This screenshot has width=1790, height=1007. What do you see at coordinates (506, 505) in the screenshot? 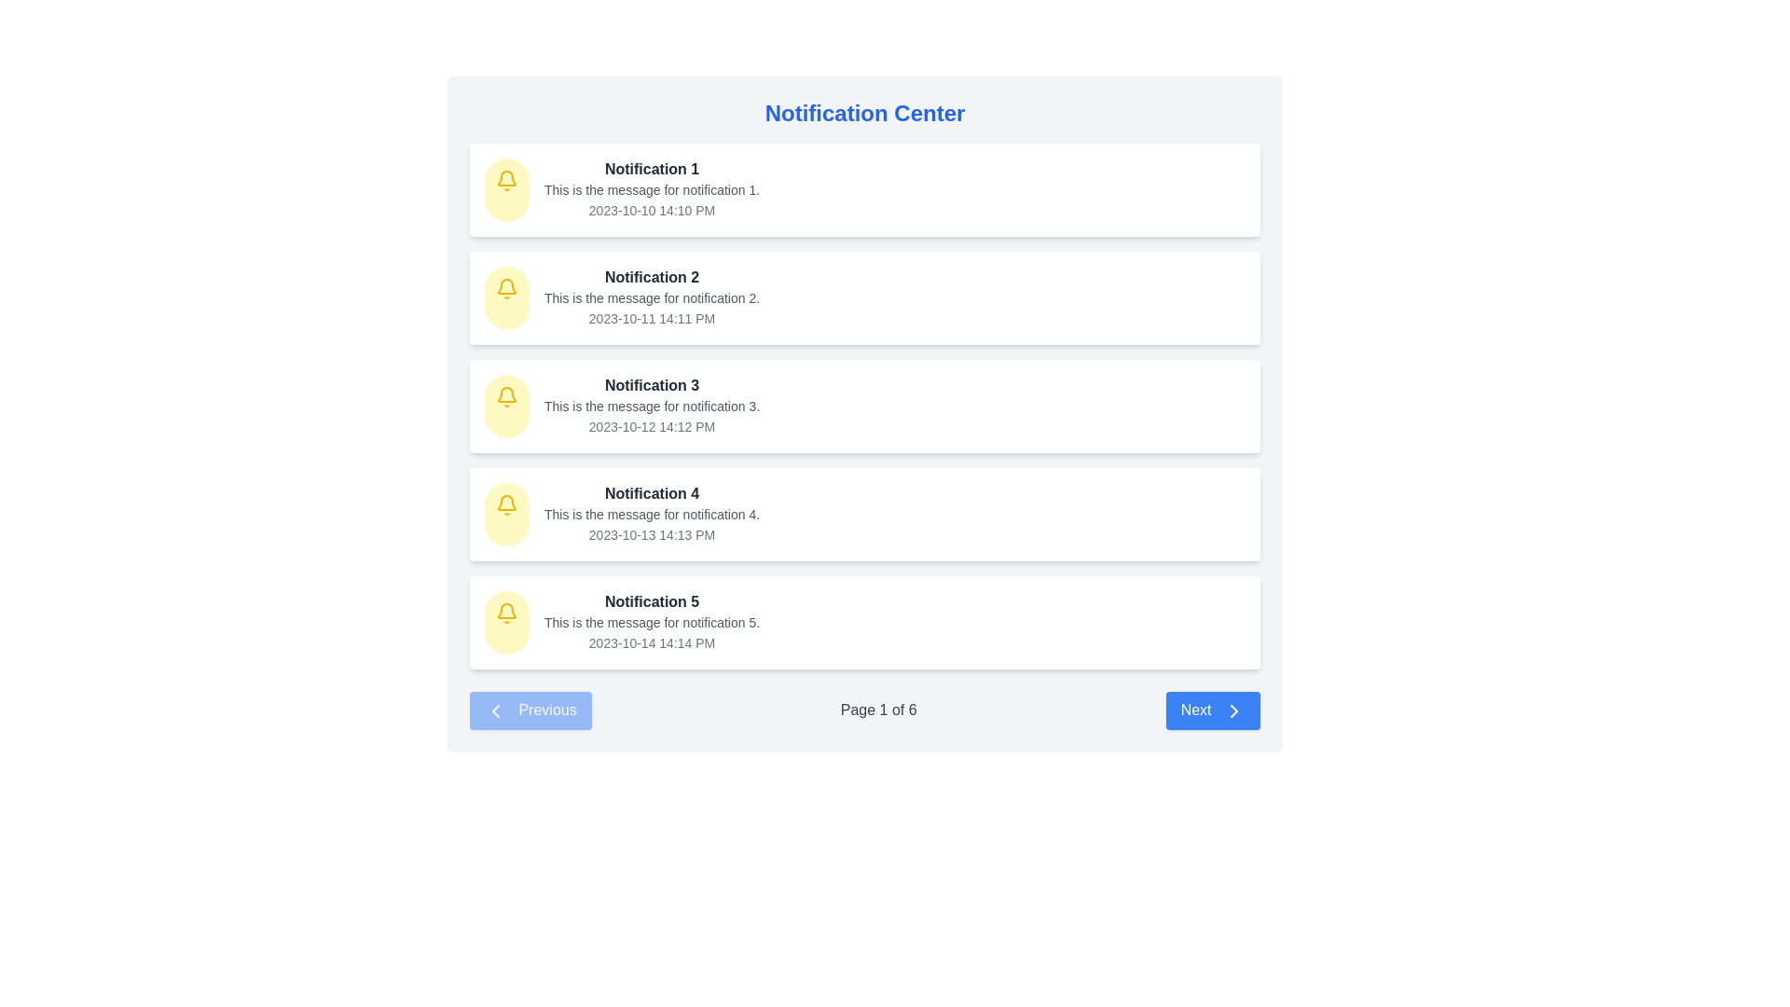
I see `the yellow bell icon located in the notification center` at bounding box center [506, 505].